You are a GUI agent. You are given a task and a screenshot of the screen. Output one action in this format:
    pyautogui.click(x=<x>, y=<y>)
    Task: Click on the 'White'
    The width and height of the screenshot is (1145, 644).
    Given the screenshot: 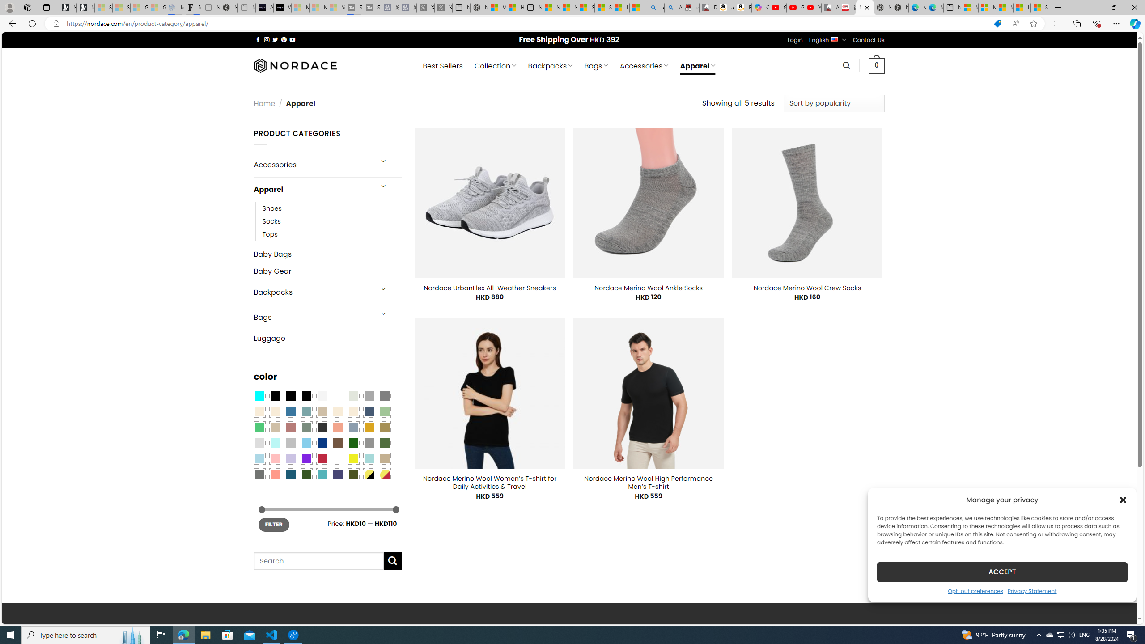 What is the action you would take?
    pyautogui.click(x=337, y=458)
    